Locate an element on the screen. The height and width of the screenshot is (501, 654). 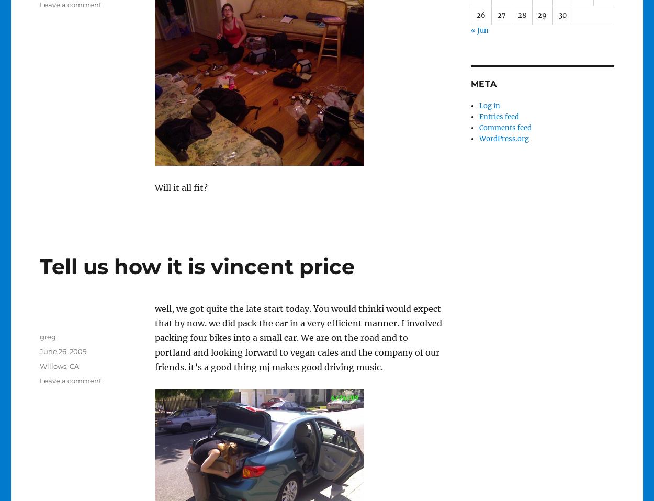
'28' is located at coordinates (517, 14).